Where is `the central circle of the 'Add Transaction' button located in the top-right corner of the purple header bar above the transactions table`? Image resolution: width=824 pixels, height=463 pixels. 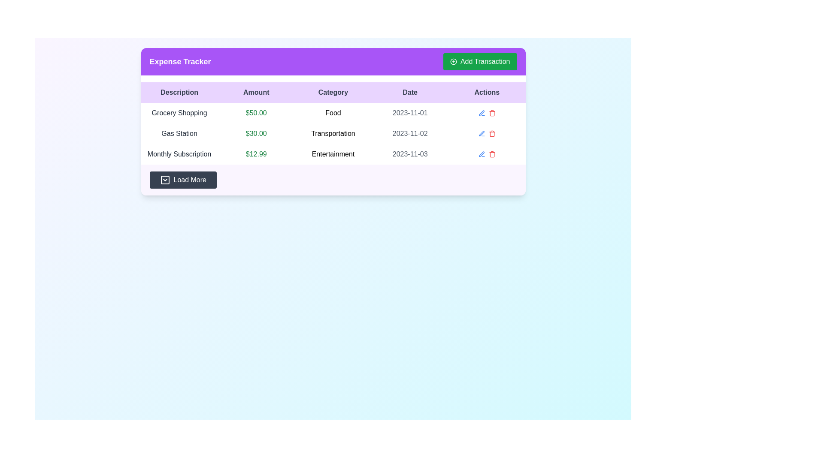 the central circle of the 'Add Transaction' button located in the top-right corner of the purple header bar above the transactions table is located at coordinates (453, 61).